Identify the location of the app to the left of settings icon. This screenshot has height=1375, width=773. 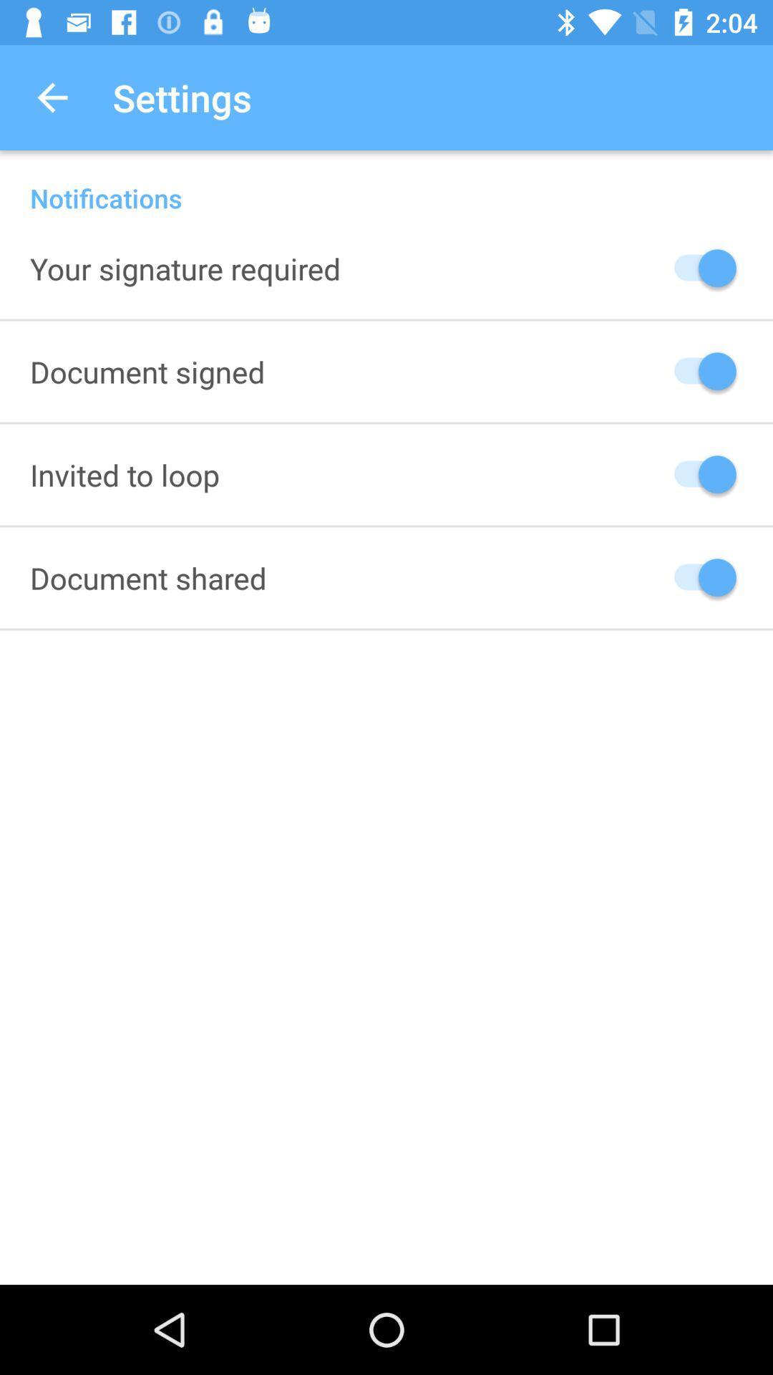
(52, 97).